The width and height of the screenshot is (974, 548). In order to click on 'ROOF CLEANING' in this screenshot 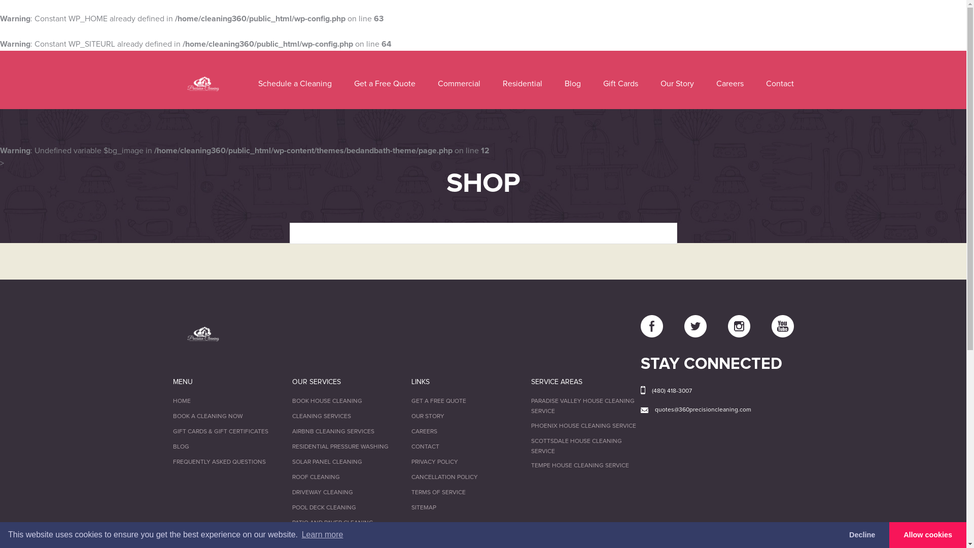, I will do `click(316, 477)`.